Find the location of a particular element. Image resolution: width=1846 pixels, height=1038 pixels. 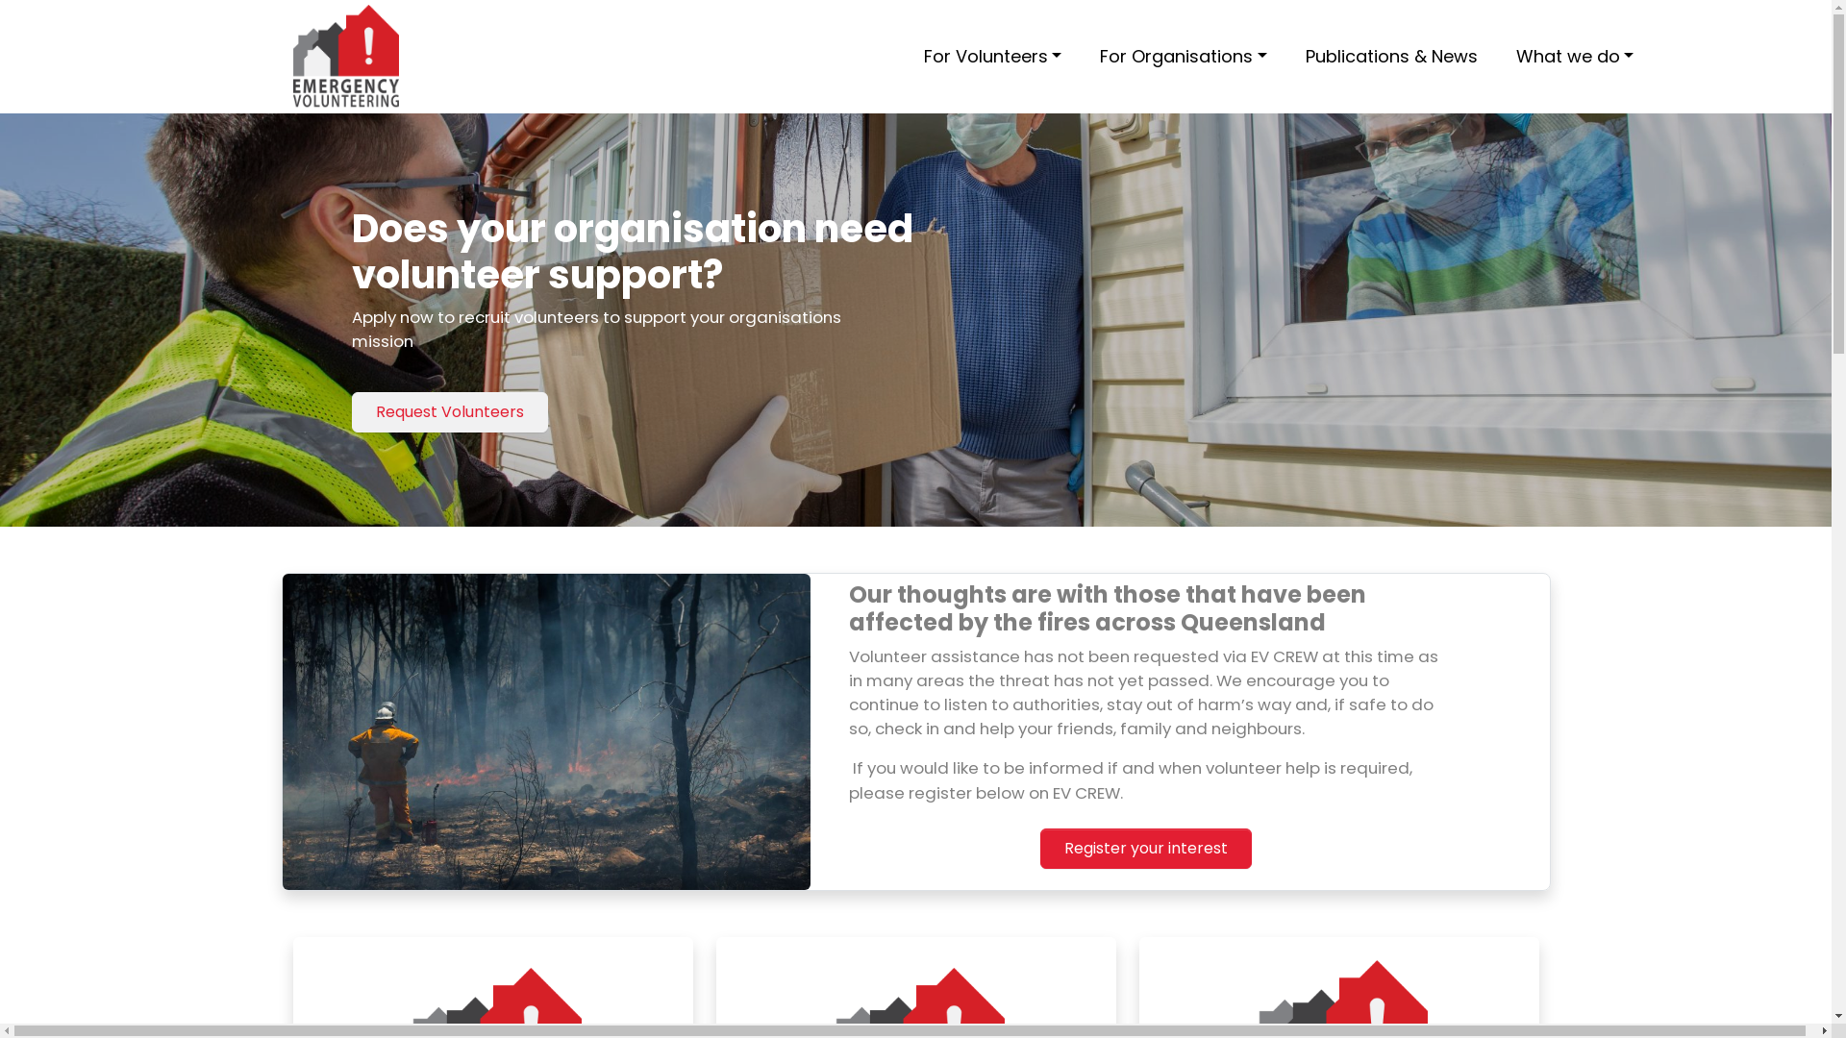

'For Organisations' is located at coordinates (1092, 55).